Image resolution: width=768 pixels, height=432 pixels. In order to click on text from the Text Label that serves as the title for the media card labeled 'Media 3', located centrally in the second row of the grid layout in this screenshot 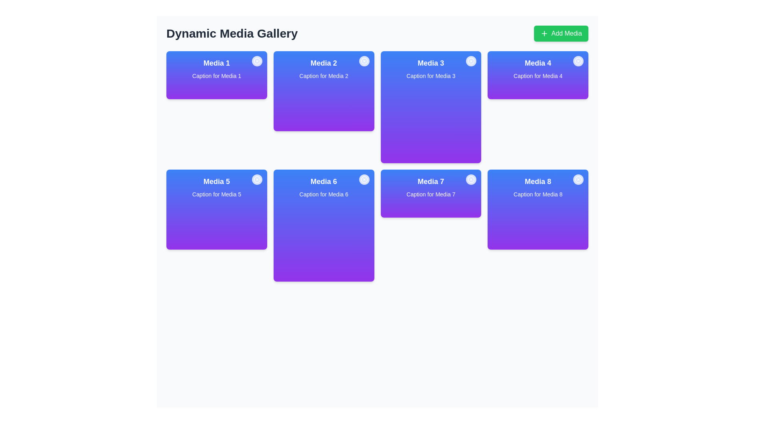, I will do `click(430, 63)`.